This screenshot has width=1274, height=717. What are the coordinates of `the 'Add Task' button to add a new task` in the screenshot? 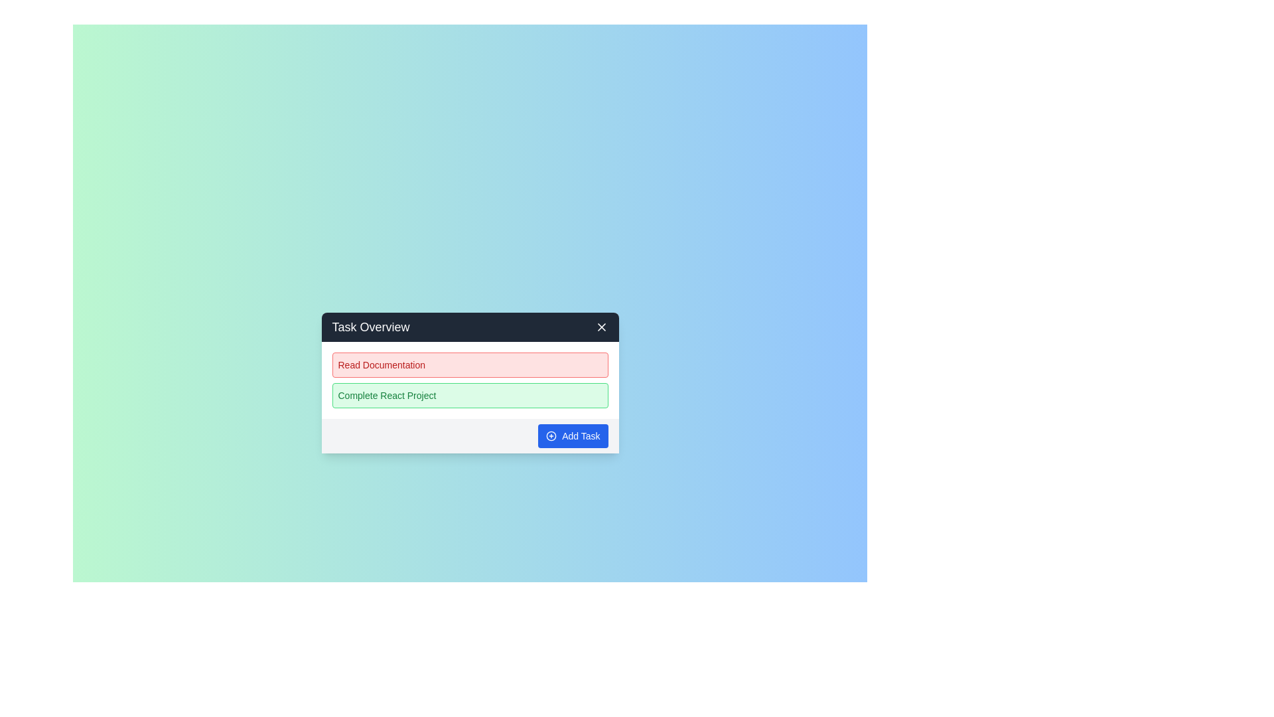 It's located at (573, 436).